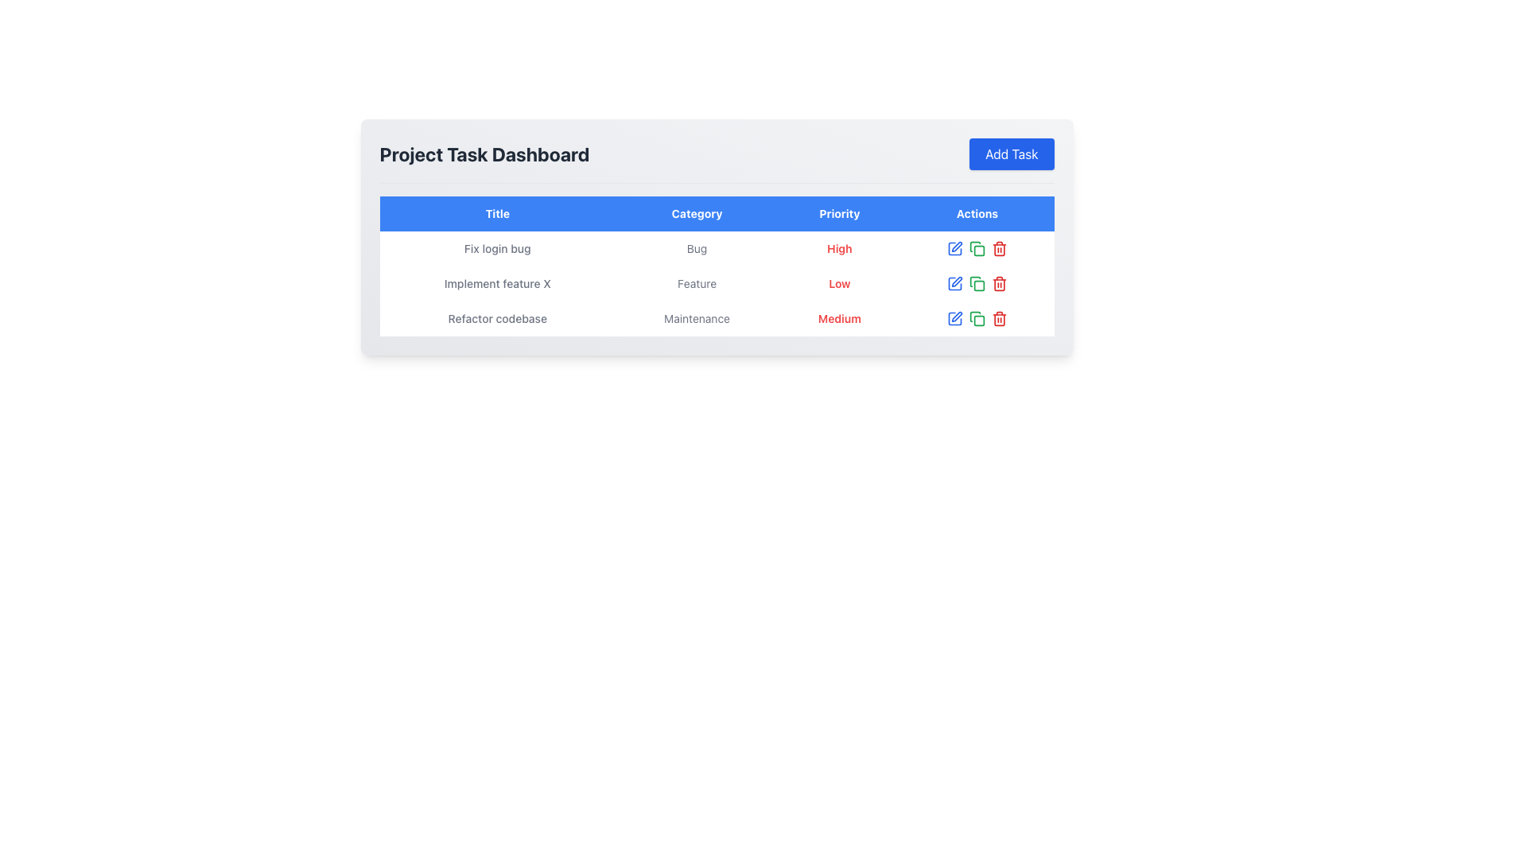 The height and width of the screenshot is (859, 1527). Describe the element at coordinates (496, 213) in the screenshot. I see `text content of the Table Header Cell labeled 'Title', which is a blue rectangular block with white bold text, located in the Project Task Dashboard` at that location.